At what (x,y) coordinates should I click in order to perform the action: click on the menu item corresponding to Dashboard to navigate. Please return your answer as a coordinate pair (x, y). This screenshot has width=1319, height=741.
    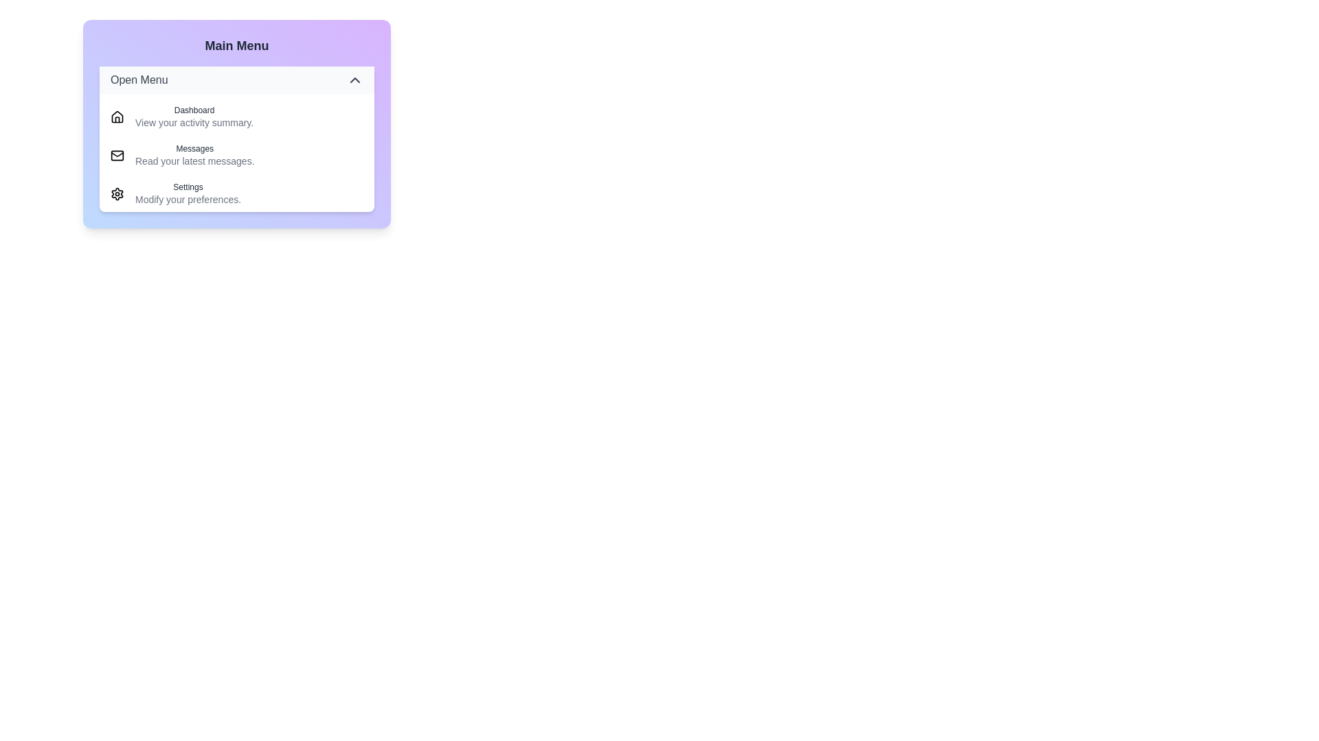
    Looking at the image, I should click on (237, 116).